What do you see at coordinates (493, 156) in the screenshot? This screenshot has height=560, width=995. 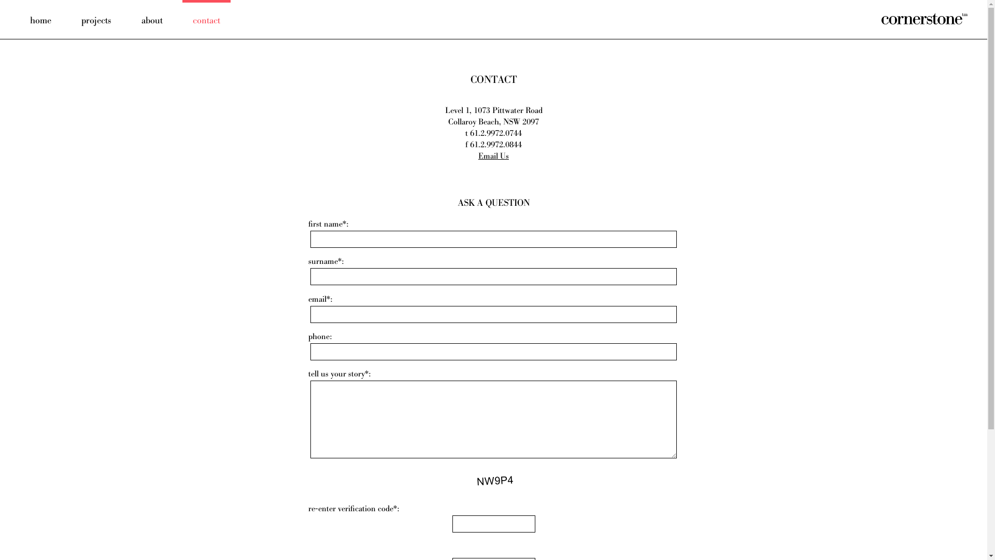 I see `'Email Us'` at bounding box center [493, 156].